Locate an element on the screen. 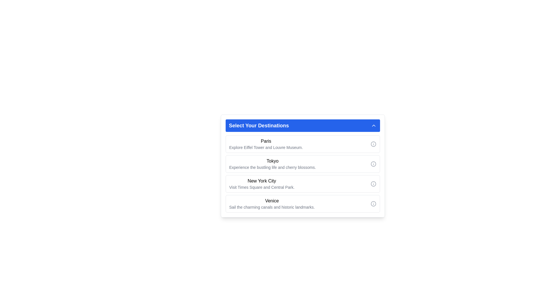  the static text element providing additional information about 'Tokyo', located below the text 'Tokyo' in the 'Select Your Destinations' section is located at coordinates (272, 167).